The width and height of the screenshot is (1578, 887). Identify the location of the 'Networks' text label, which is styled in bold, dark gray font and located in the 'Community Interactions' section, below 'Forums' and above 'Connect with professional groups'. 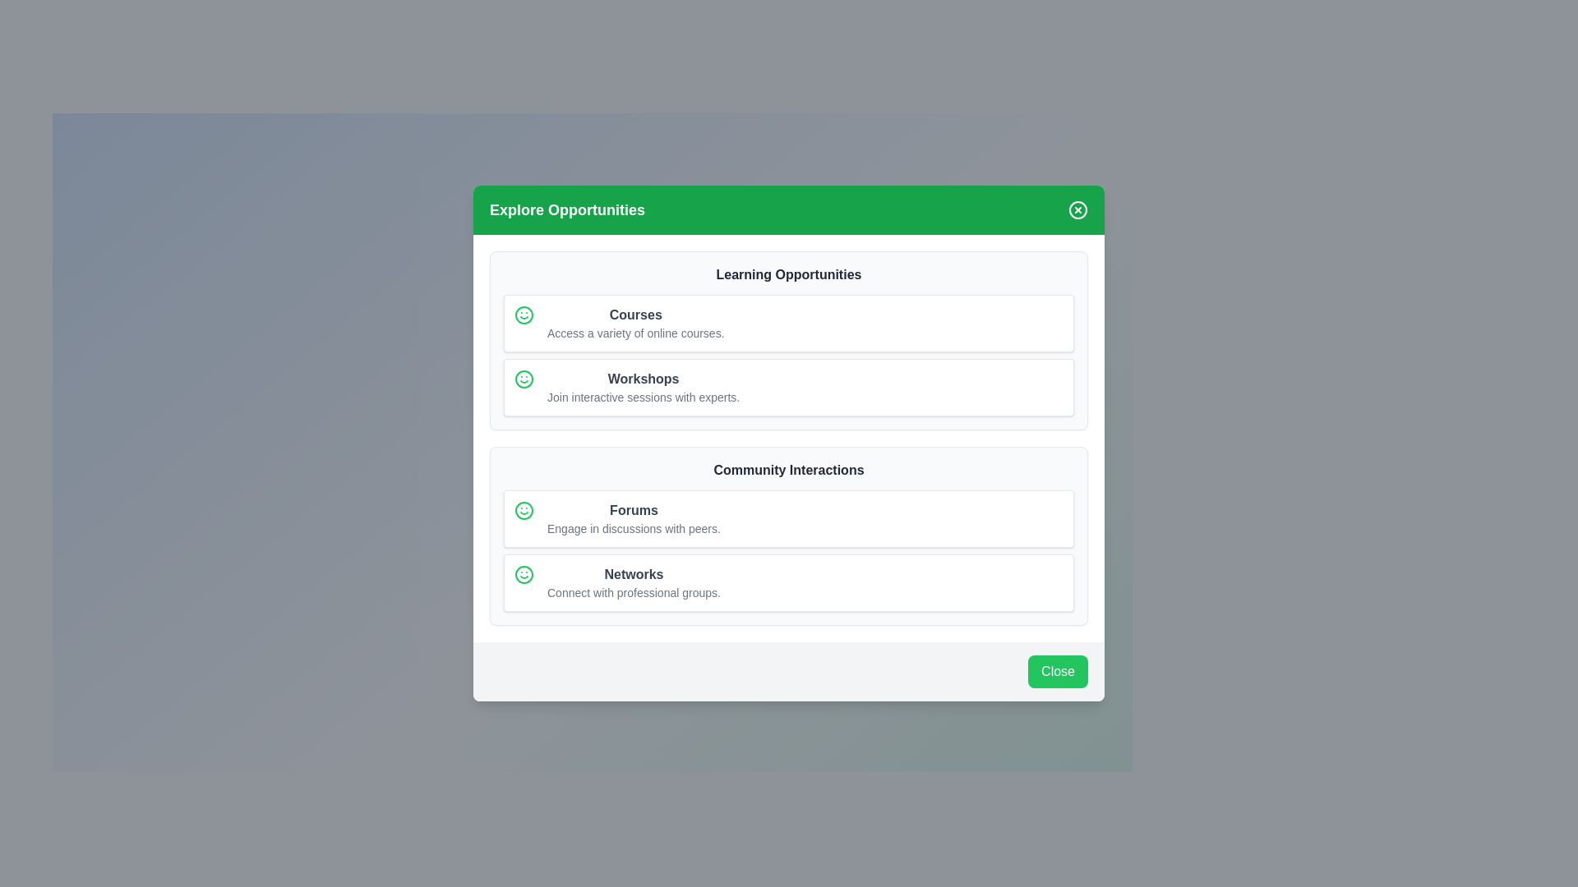
(633, 573).